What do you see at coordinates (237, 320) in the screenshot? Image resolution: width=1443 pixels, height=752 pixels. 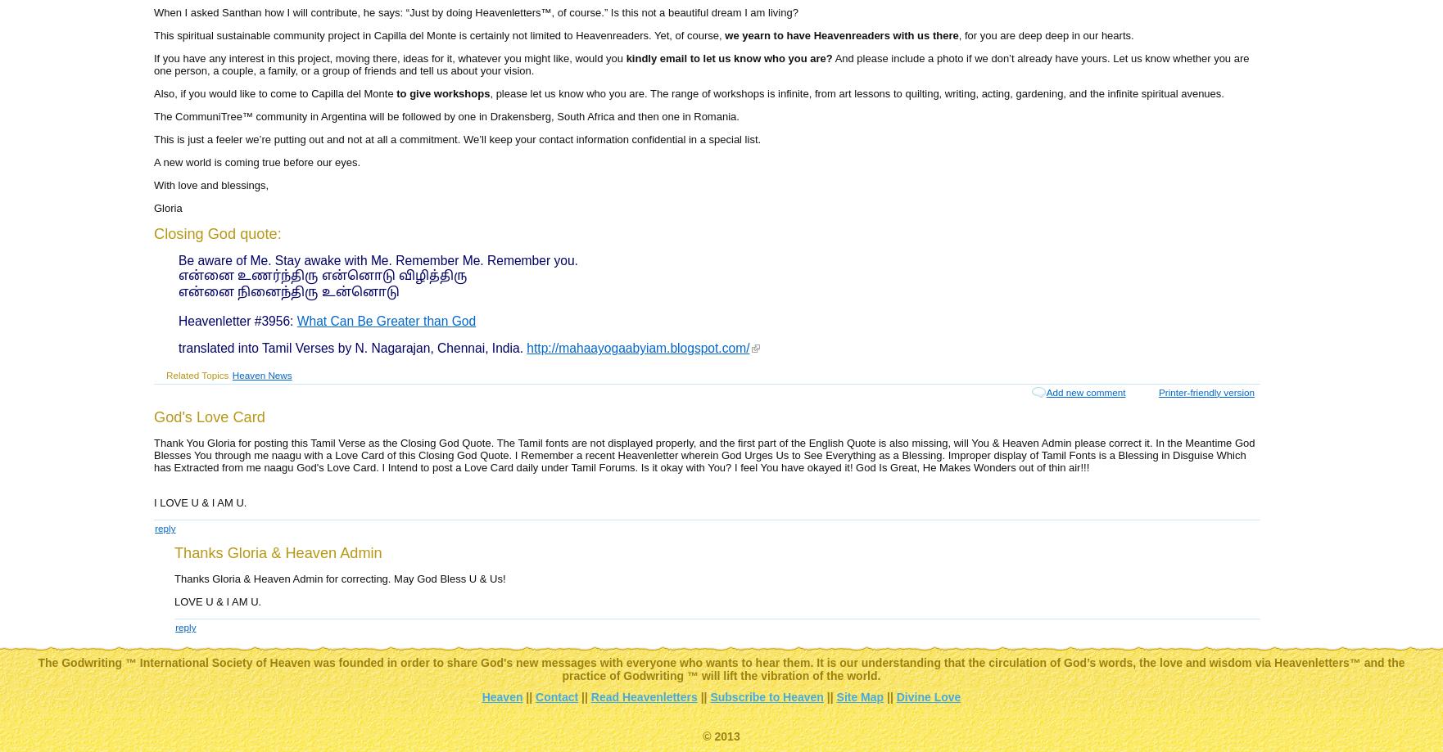 I see `'Heavenletter #3956:'` at bounding box center [237, 320].